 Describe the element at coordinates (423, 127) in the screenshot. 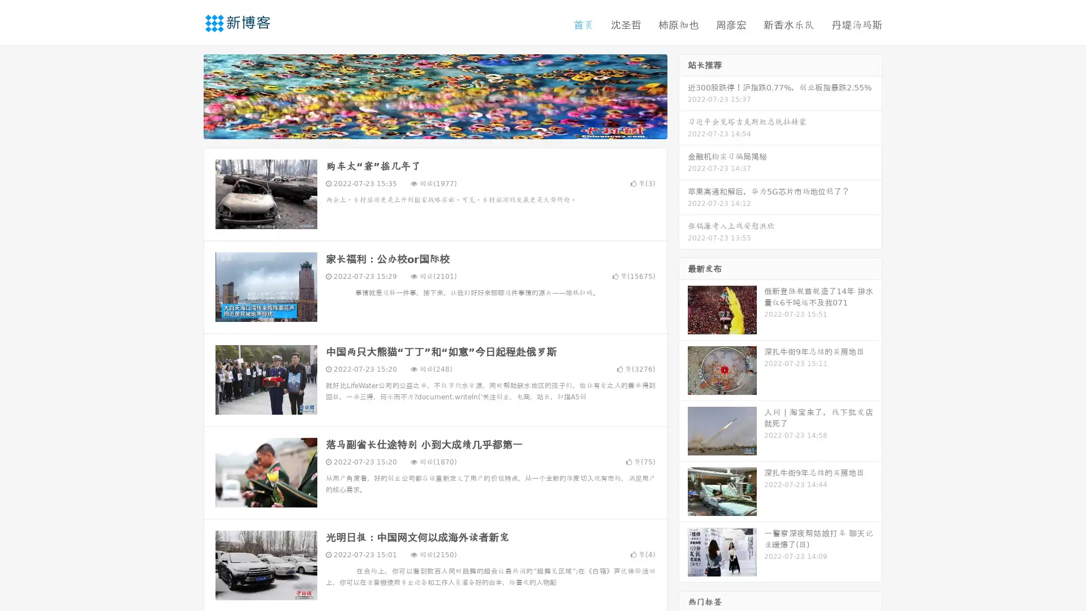

I see `Go to slide 1` at that location.